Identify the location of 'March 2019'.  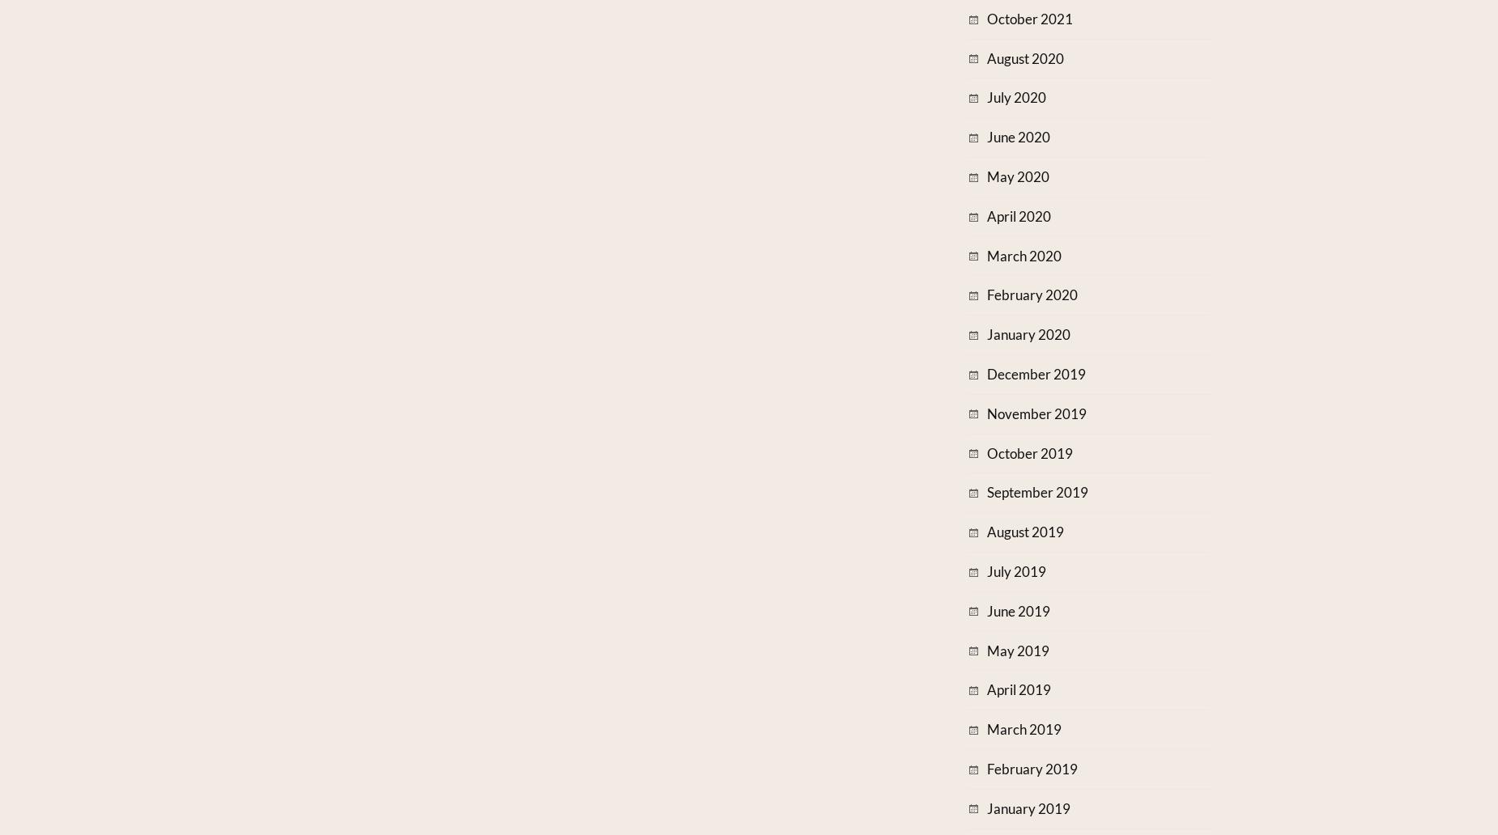
(1023, 729).